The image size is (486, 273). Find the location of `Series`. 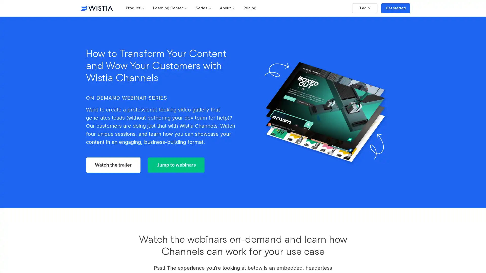

Series is located at coordinates (203, 8).